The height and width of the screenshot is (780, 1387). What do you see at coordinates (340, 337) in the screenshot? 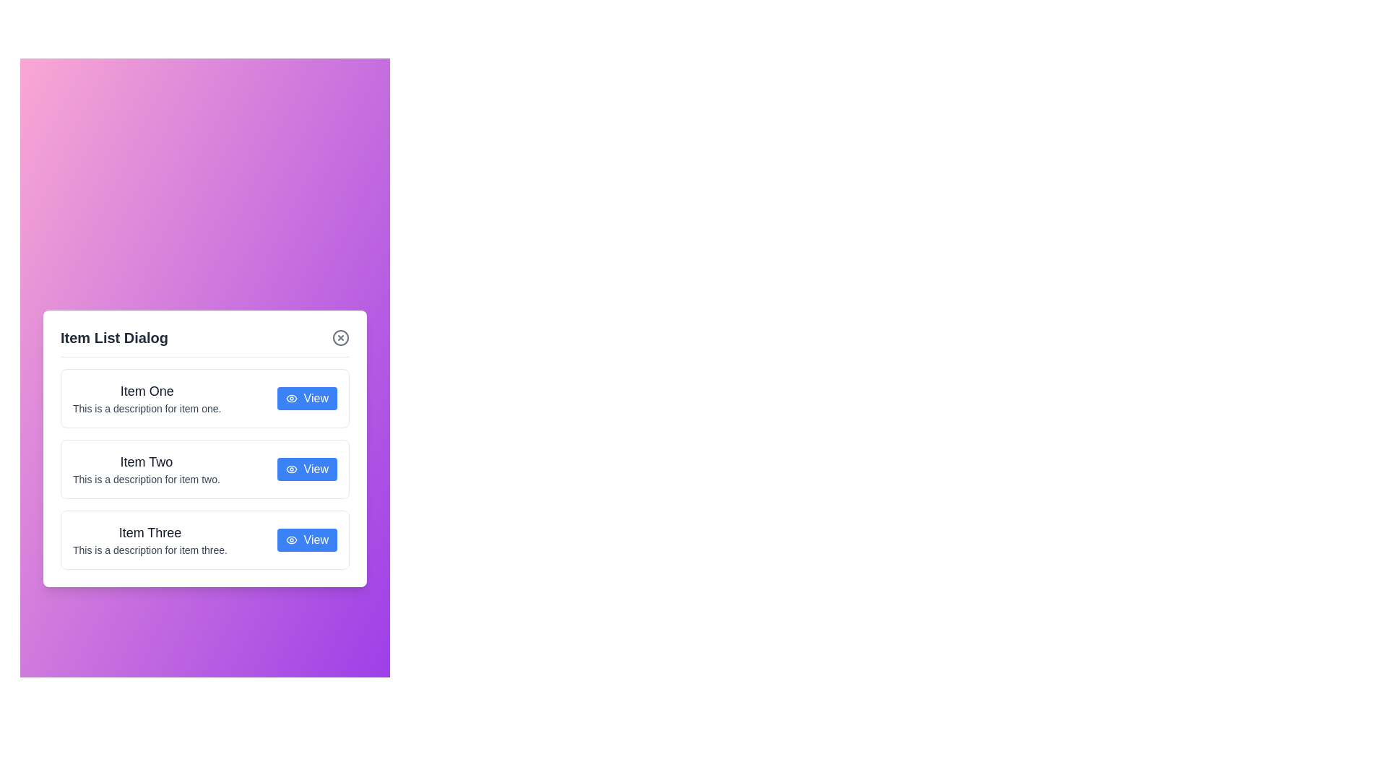
I see `the close button to close the dialog` at bounding box center [340, 337].